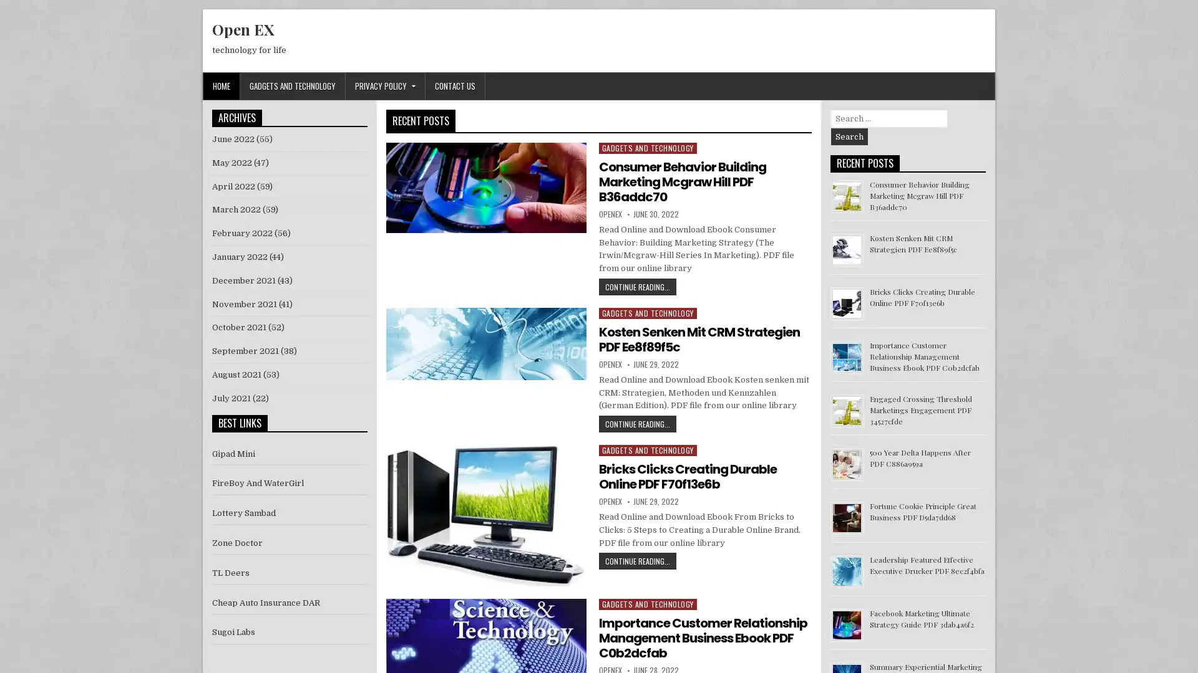 Image resolution: width=1198 pixels, height=673 pixels. What do you see at coordinates (849, 136) in the screenshot?
I see `Search` at bounding box center [849, 136].